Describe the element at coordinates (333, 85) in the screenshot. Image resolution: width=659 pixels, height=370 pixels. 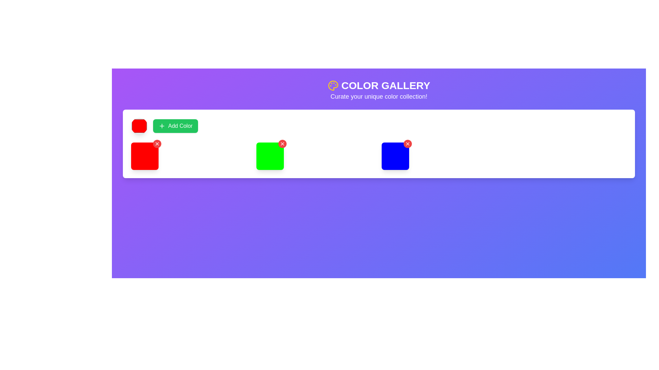
I see `the circular gradient icon at the center of the interface, which is part of the 'COLOR GALLERY' decorative illustration` at that location.